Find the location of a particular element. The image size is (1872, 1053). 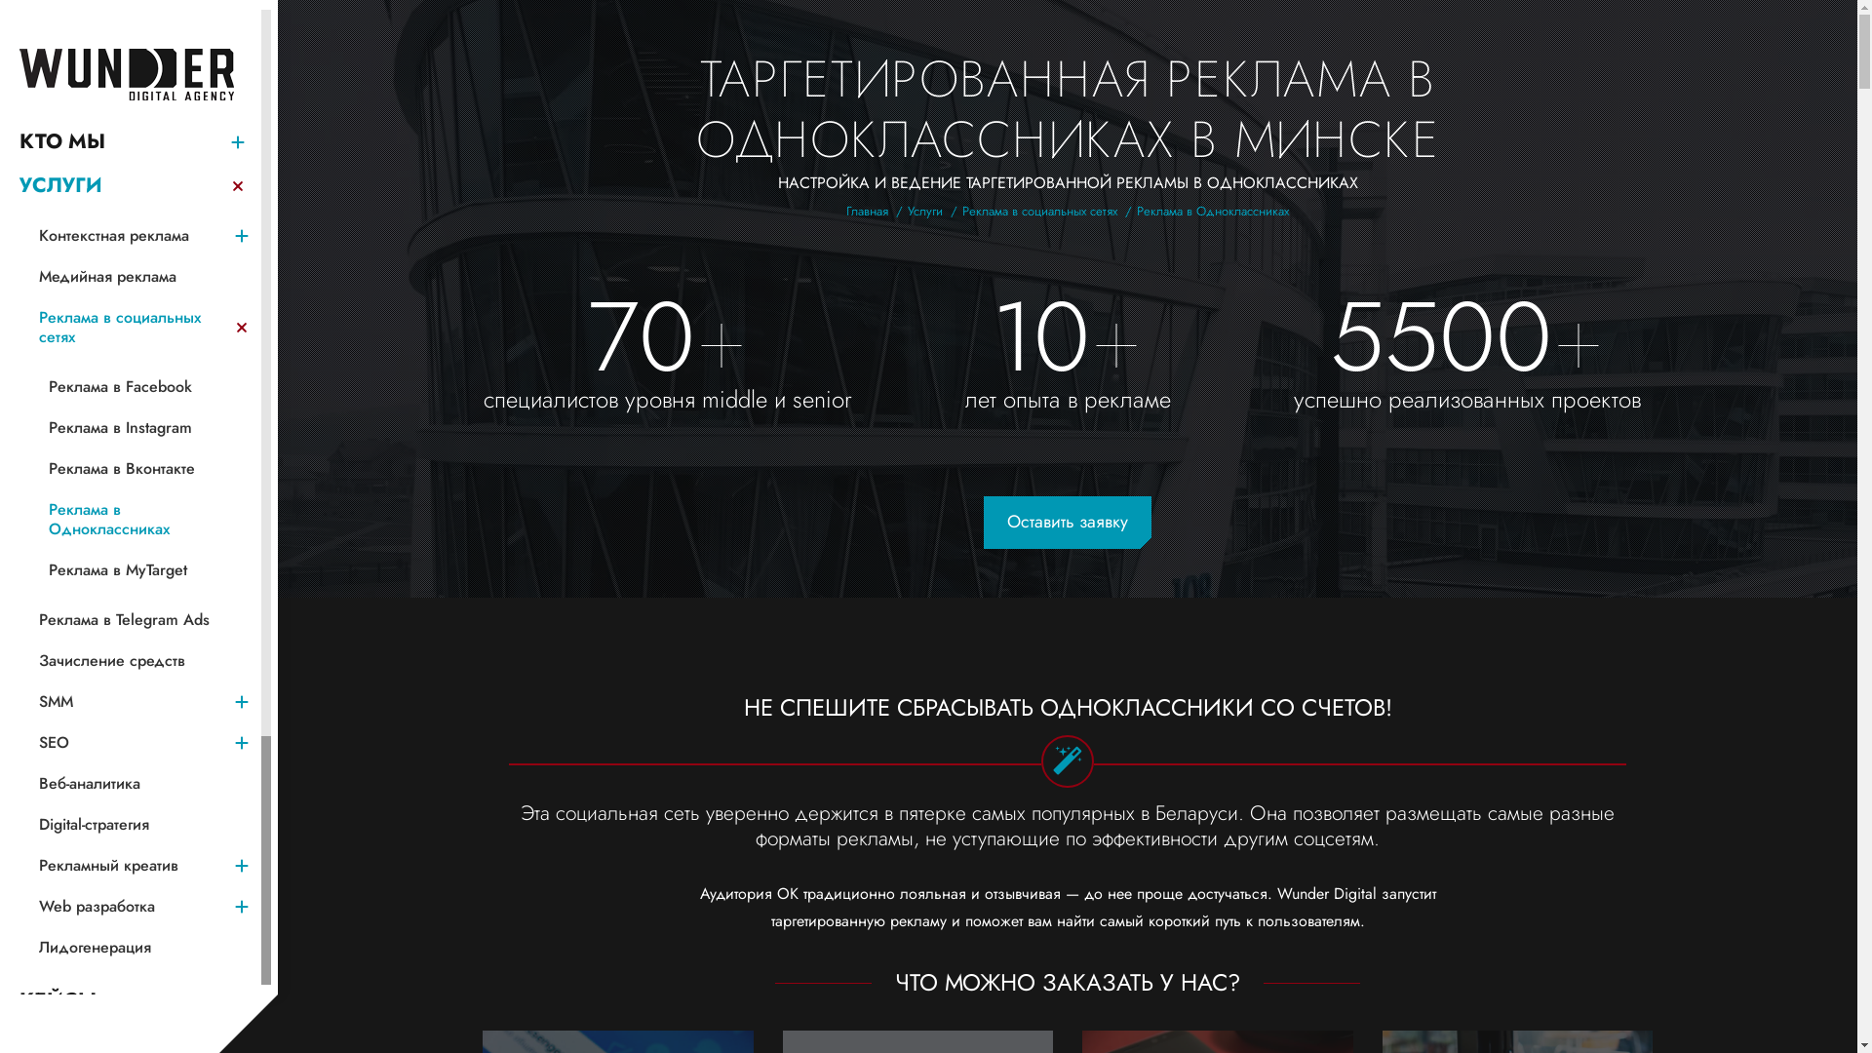

'SEO' is located at coordinates (128, 743).